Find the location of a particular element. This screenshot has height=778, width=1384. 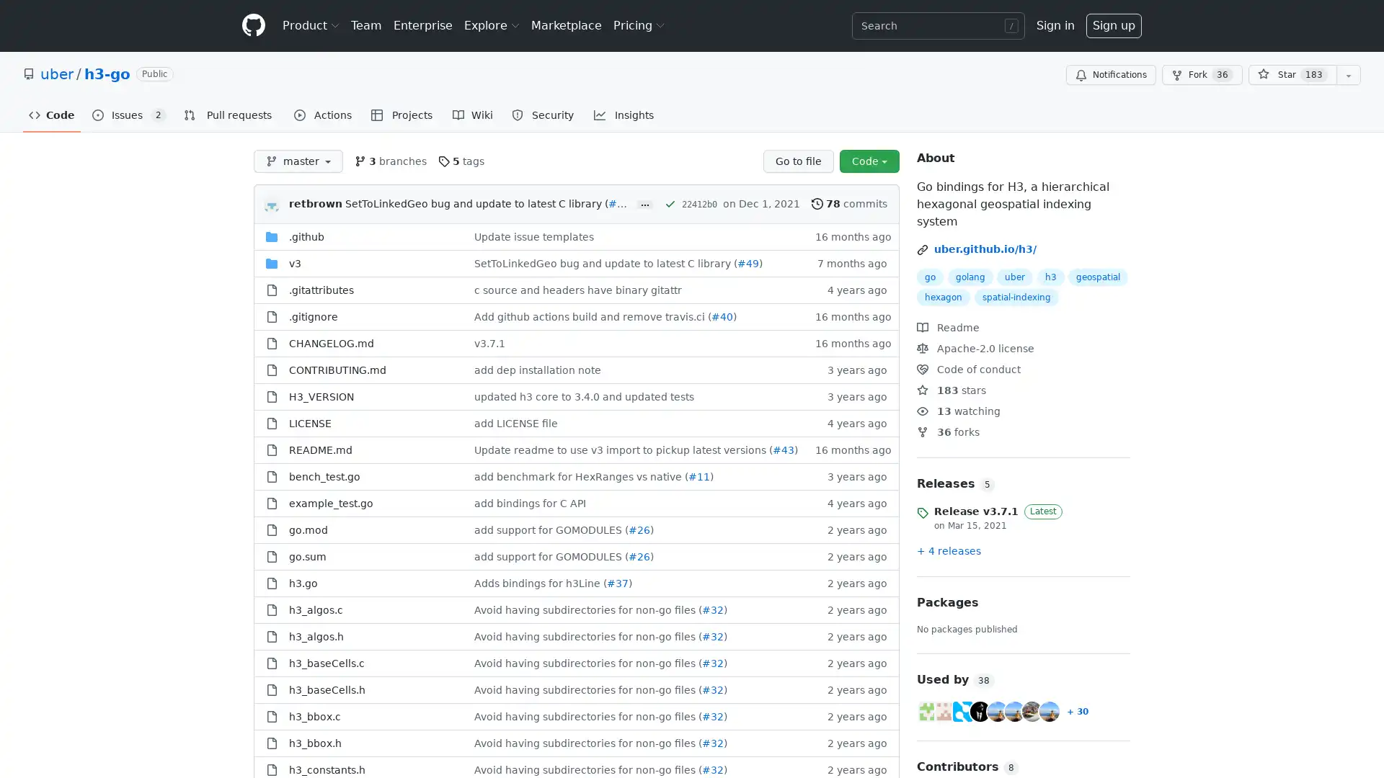

... is located at coordinates (644, 205).